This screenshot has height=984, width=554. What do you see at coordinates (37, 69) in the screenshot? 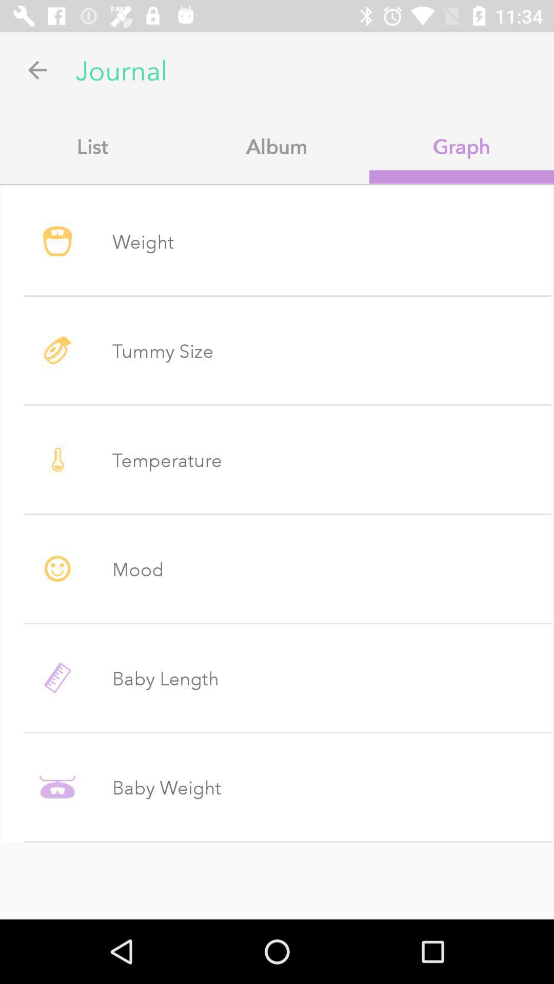
I see `go back` at bounding box center [37, 69].